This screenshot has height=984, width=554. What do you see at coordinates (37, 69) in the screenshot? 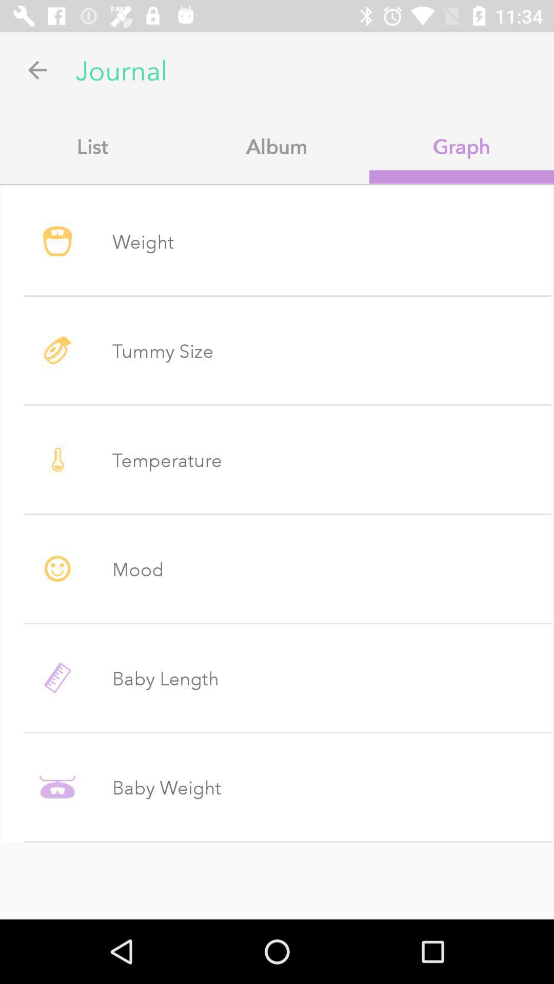
I see `go back` at bounding box center [37, 69].